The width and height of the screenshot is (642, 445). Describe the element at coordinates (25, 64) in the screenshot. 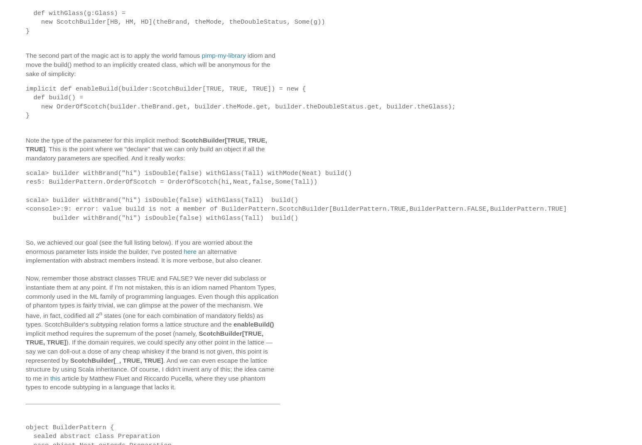

I see `'idiom and move the build() method to an implicitly created class, which will be anonymous for the sake of simplicity:'` at that location.